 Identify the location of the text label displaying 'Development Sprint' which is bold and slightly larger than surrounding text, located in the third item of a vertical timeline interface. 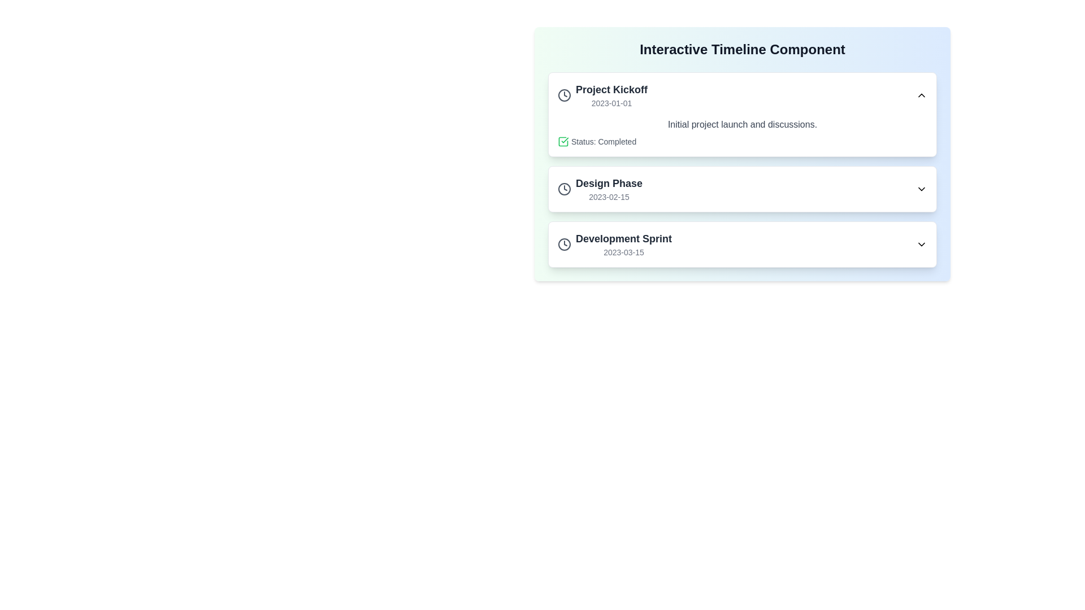
(623, 238).